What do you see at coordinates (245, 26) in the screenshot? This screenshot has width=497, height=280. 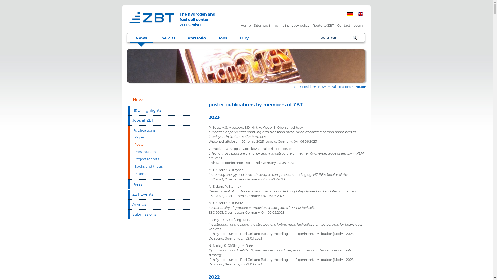 I see `'Home'` at bounding box center [245, 26].